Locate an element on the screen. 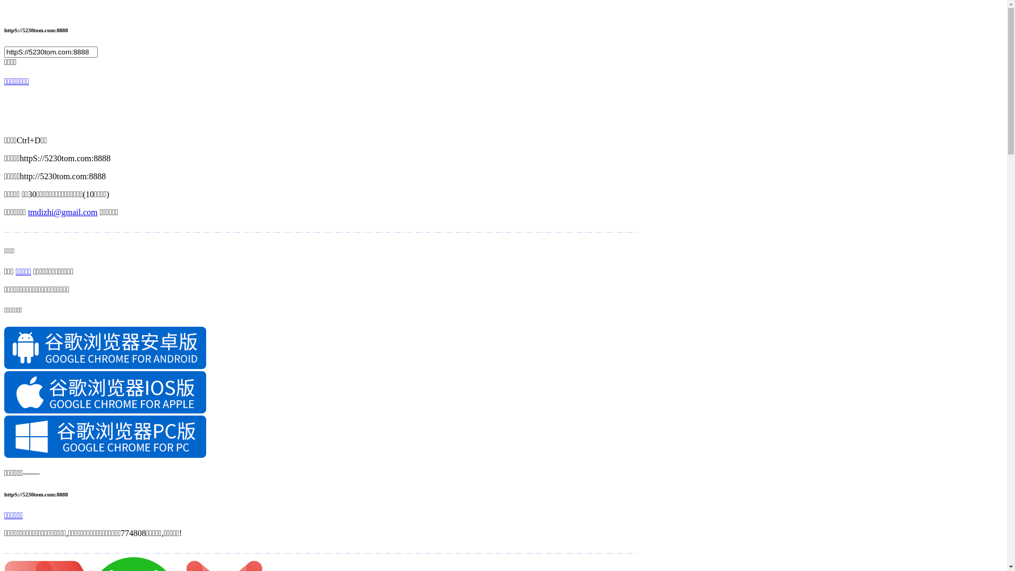  'tmdizhi@gmail.com' is located at coordinates (62, 212).